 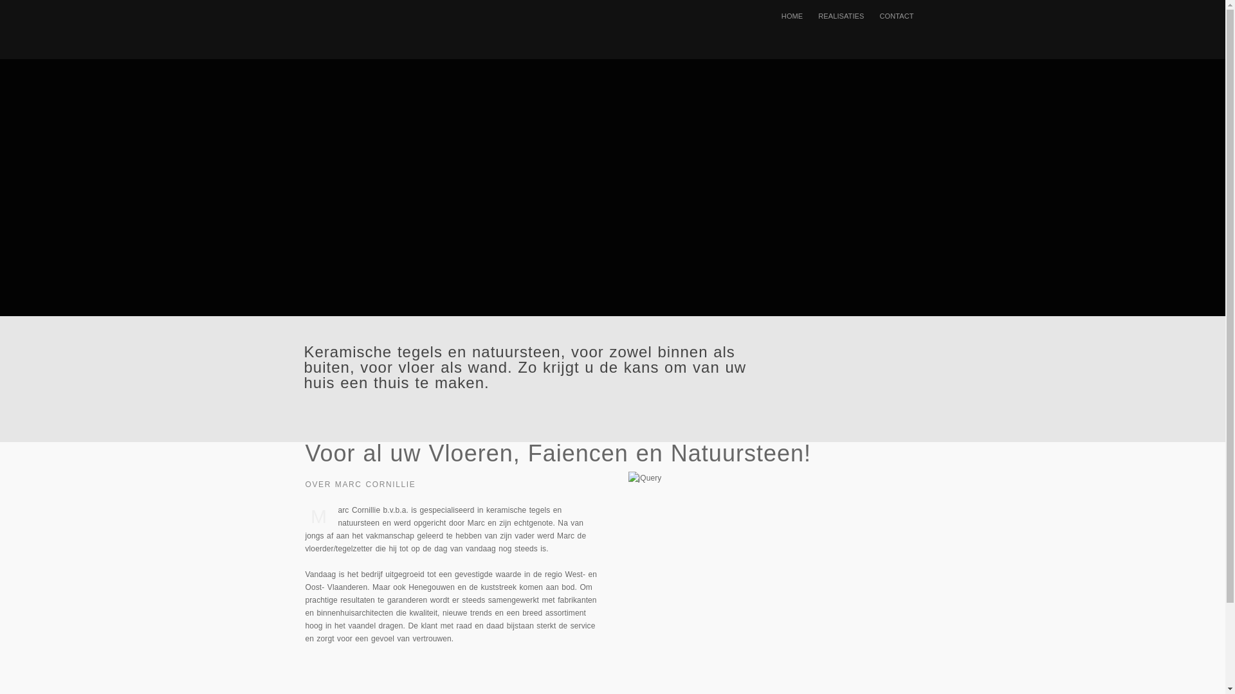 What do you see at coordinates (841, 15) in the screenshot?
I see `'REALISATIES'` at bounding box center [841, 15].